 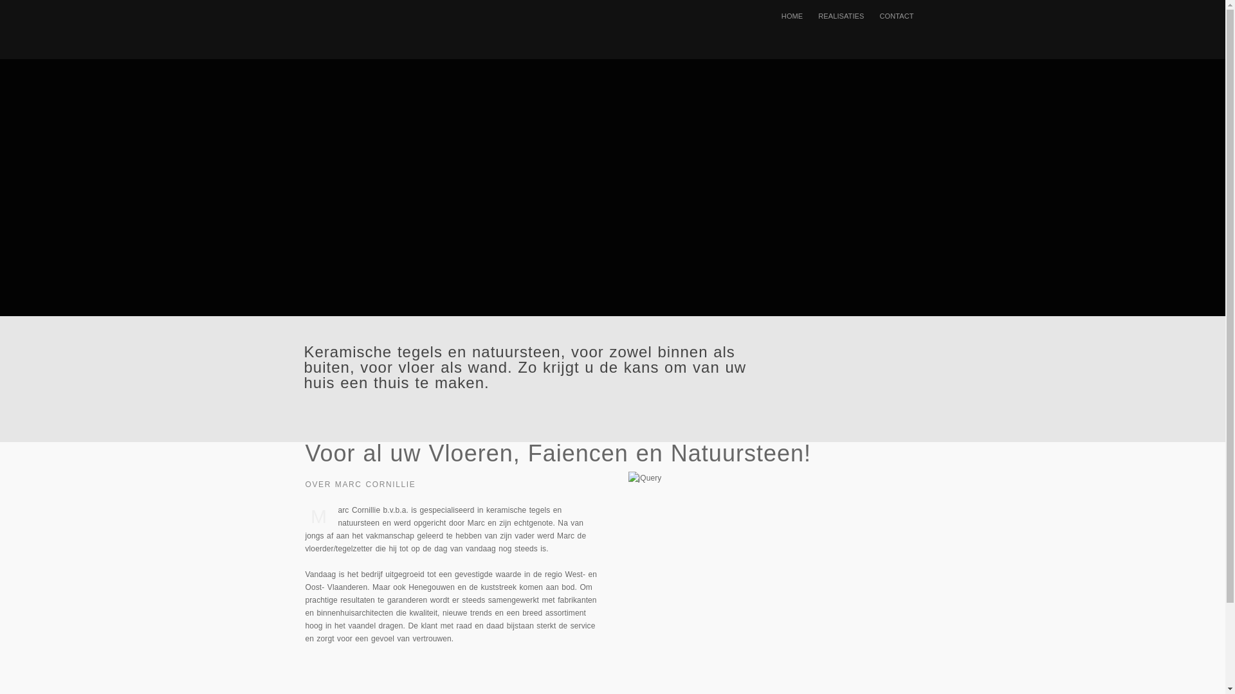 What do you see at coordinates (841, 15) in the screenshot?
I see `'REALISATIES'` at bounding box center [841, 15].